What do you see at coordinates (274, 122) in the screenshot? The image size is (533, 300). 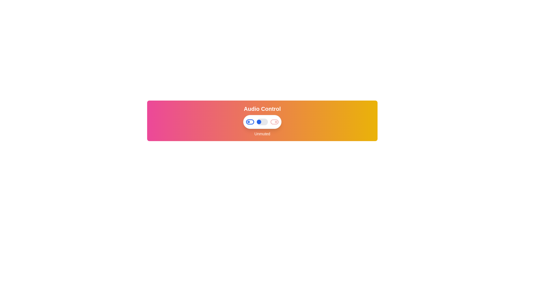 I see `the rightmost toggle button under the 'Audio Control' header` at bounding box center [274, 122].